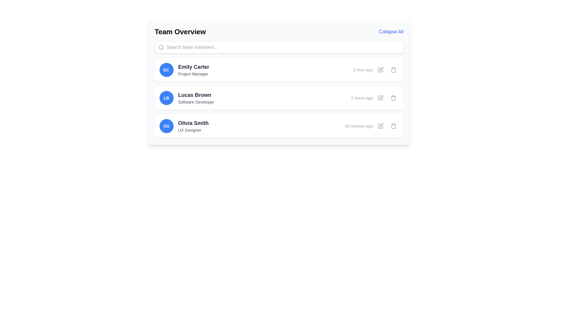  Describe the element at coordinates (358, 126) in the screenshot. I see `the timestamp text label indicating the last action occurrence for the user entry of Olivia Smith, positioned between the user's role and interactive icons` at that location.